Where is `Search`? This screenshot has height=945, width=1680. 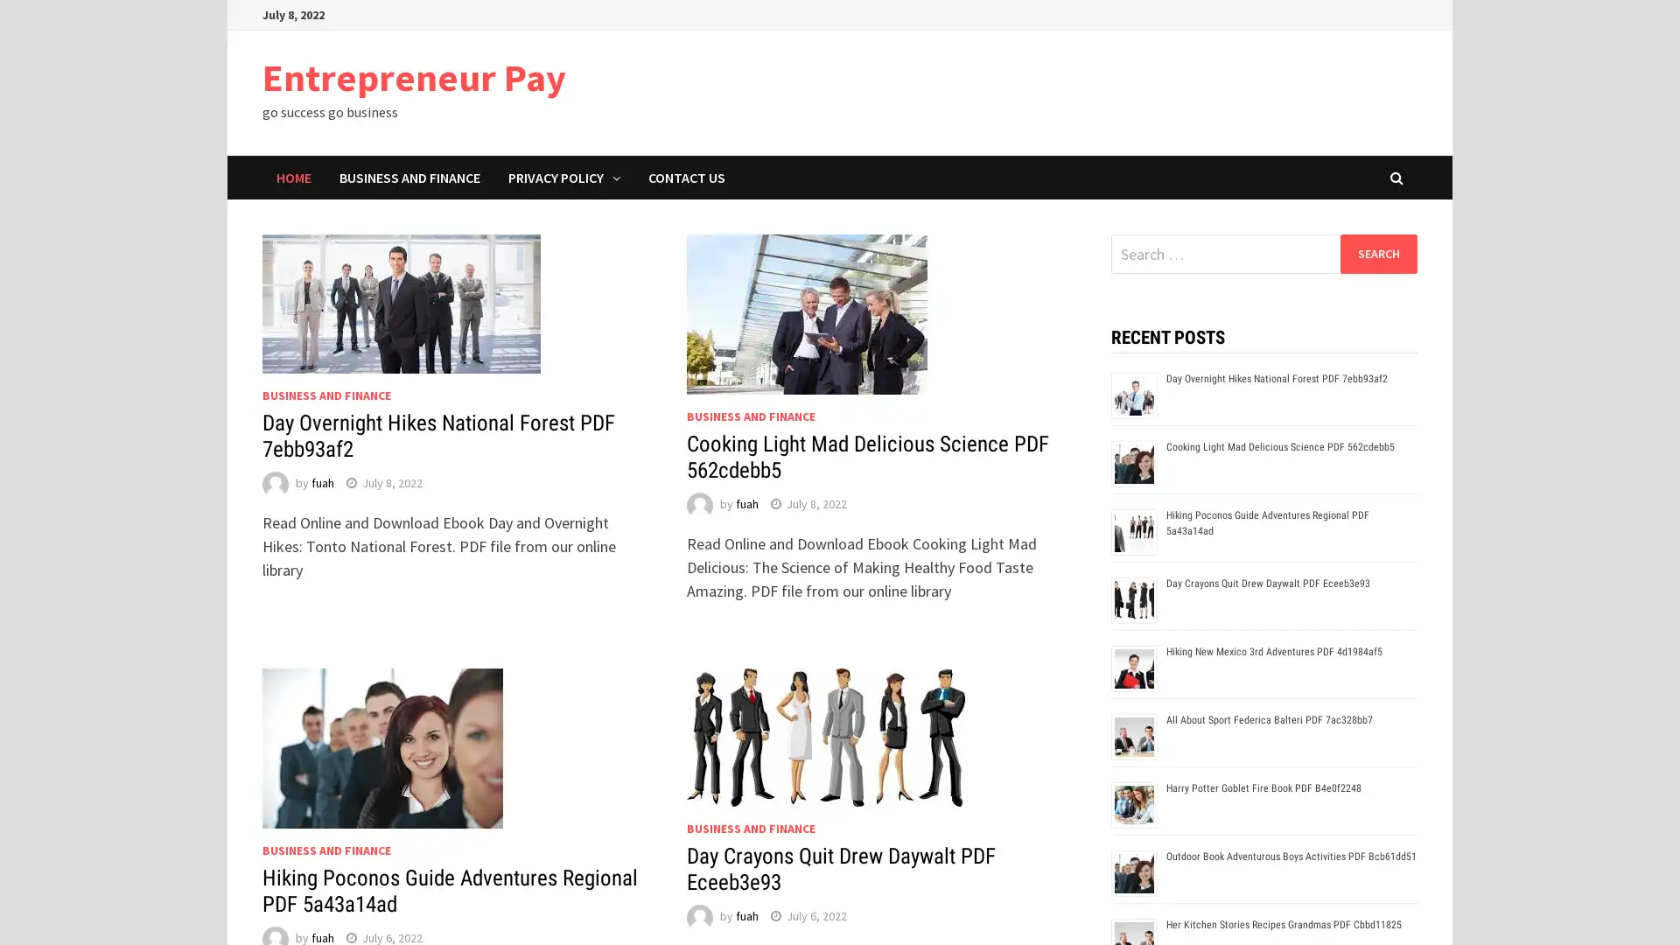
Search is located at coordinates (1377, 253).